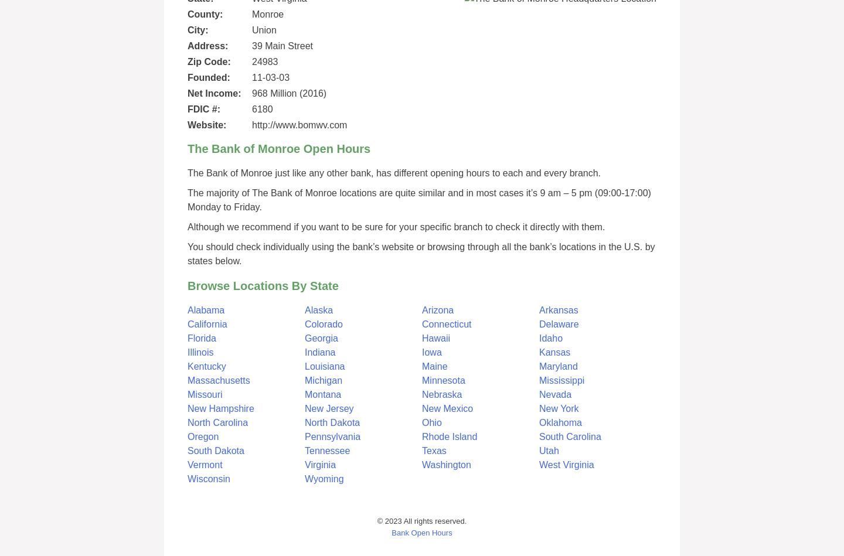  Describe the element at coordinates (421, 254) in the screenshot. I see `'You should check individually using the bank’s website or browsing through all the bank’s locations in the U.S. by states below.'` at that location.